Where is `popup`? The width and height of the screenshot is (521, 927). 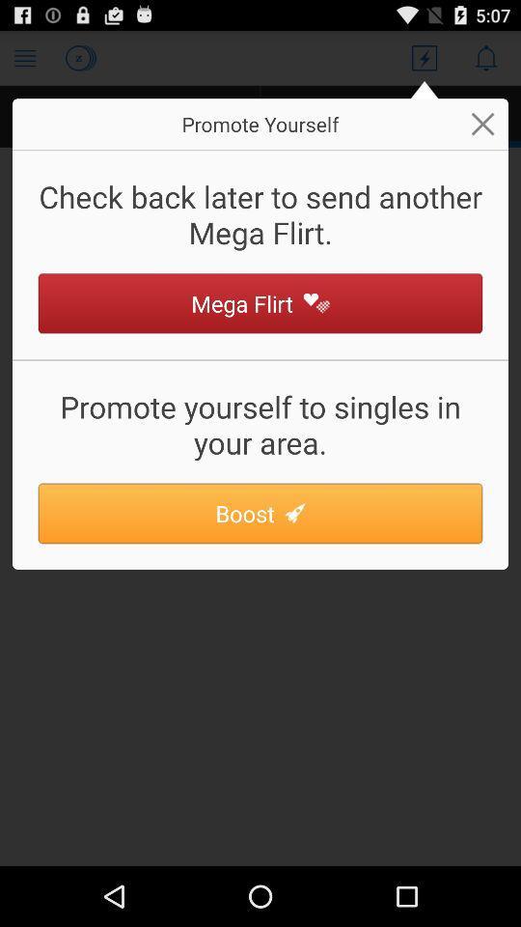
popup is located at coordinates (481, 123).